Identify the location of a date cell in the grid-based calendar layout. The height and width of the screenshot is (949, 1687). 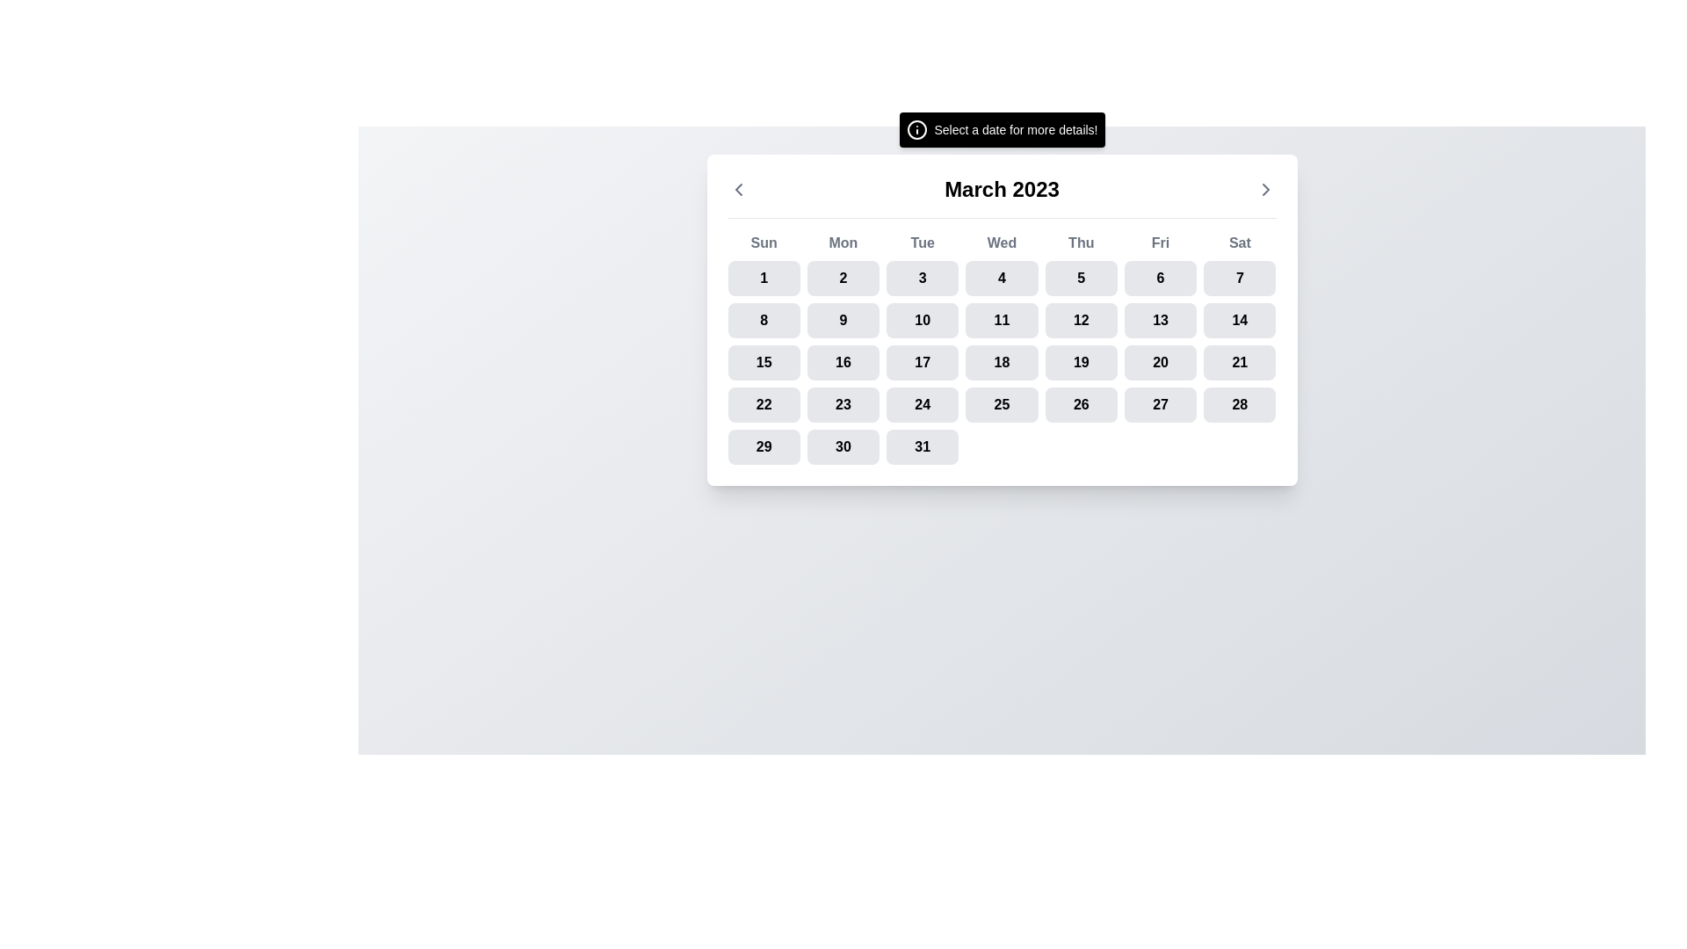
(1002, 349).